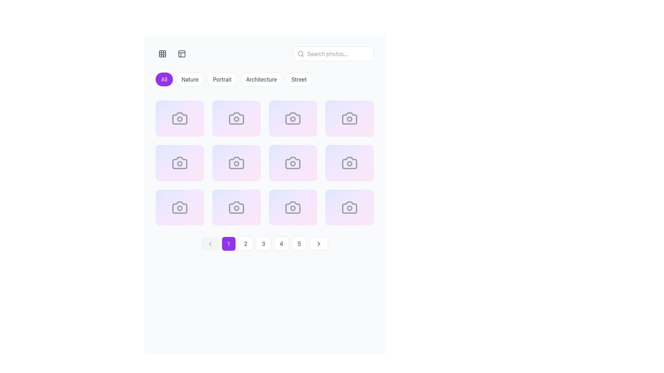 Image resolution: width=664 pixels, height=373 pixels. Describe the element at coordinates (301, 53) in the screenshot. I see `the magnifying glass icon located at the left side of the search text input box, which symbolizes search functionality` at that location.